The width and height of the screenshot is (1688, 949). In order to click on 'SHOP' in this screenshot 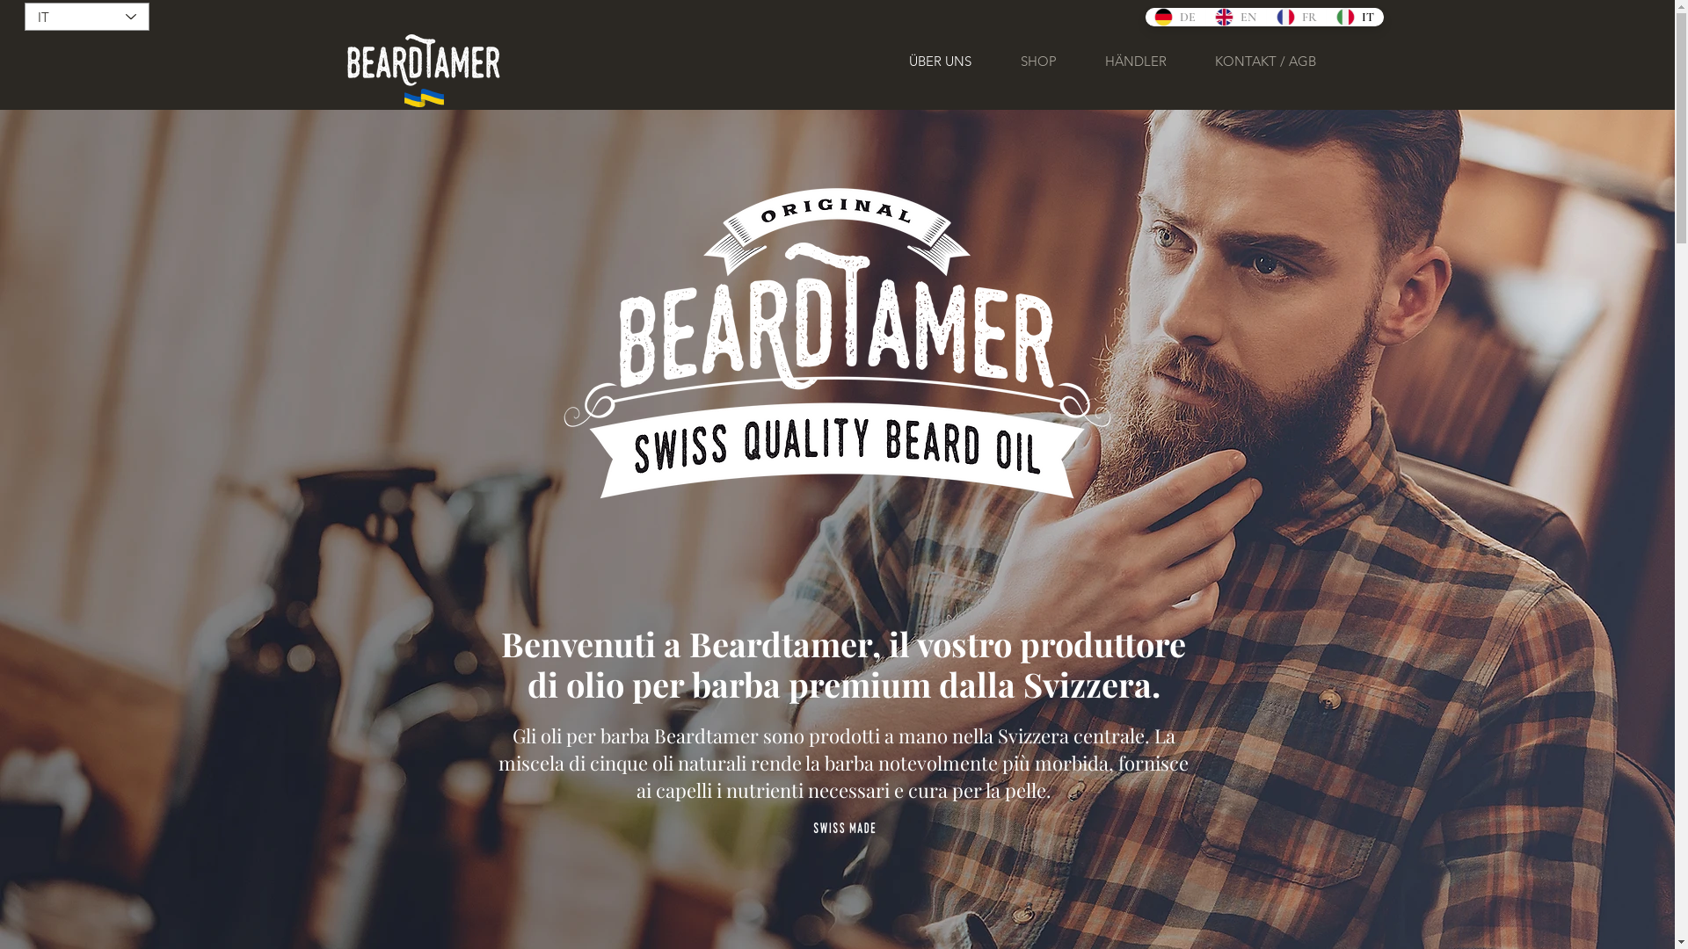, I will do `click(1037, 60)`.